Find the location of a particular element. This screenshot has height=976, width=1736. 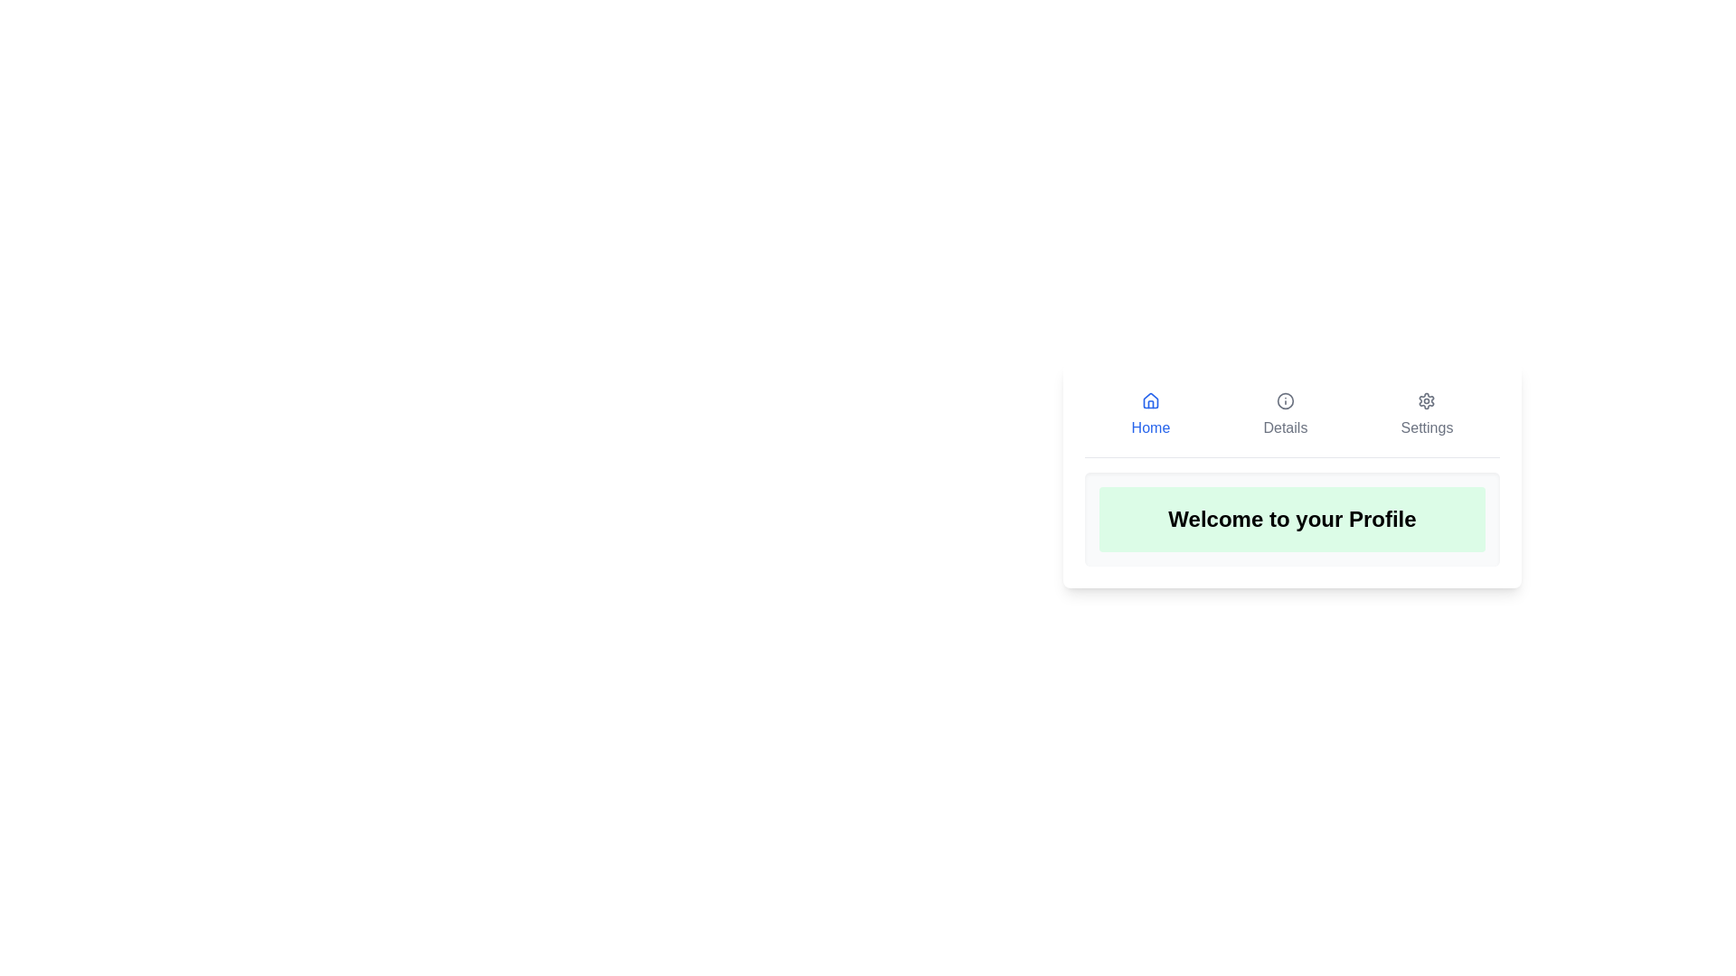

the Details tab to view its contents is located at coordinates (1283, 415).